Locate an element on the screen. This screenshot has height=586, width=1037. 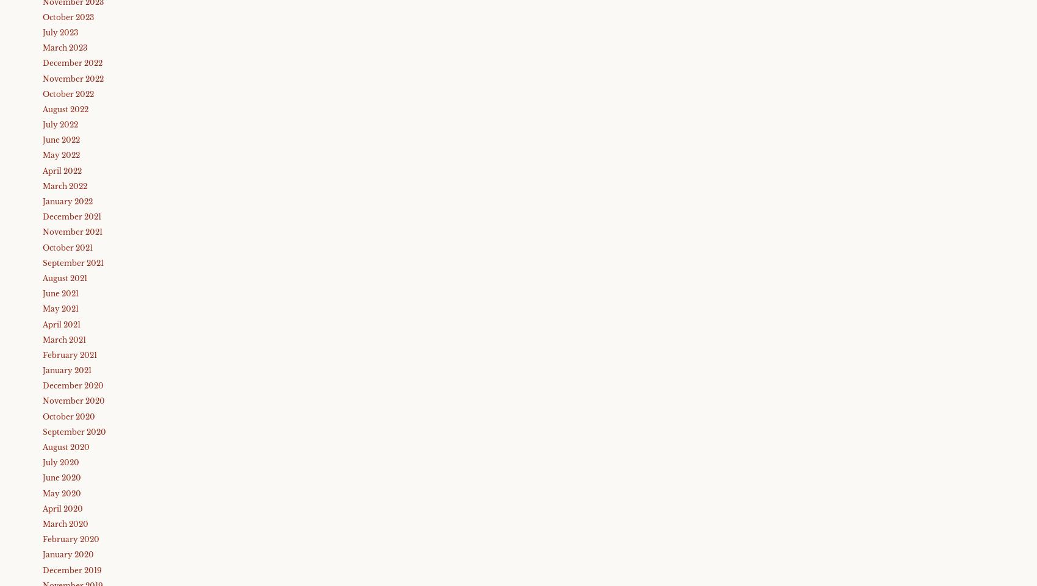
'April 2020' is located at coordinates (63, 508).